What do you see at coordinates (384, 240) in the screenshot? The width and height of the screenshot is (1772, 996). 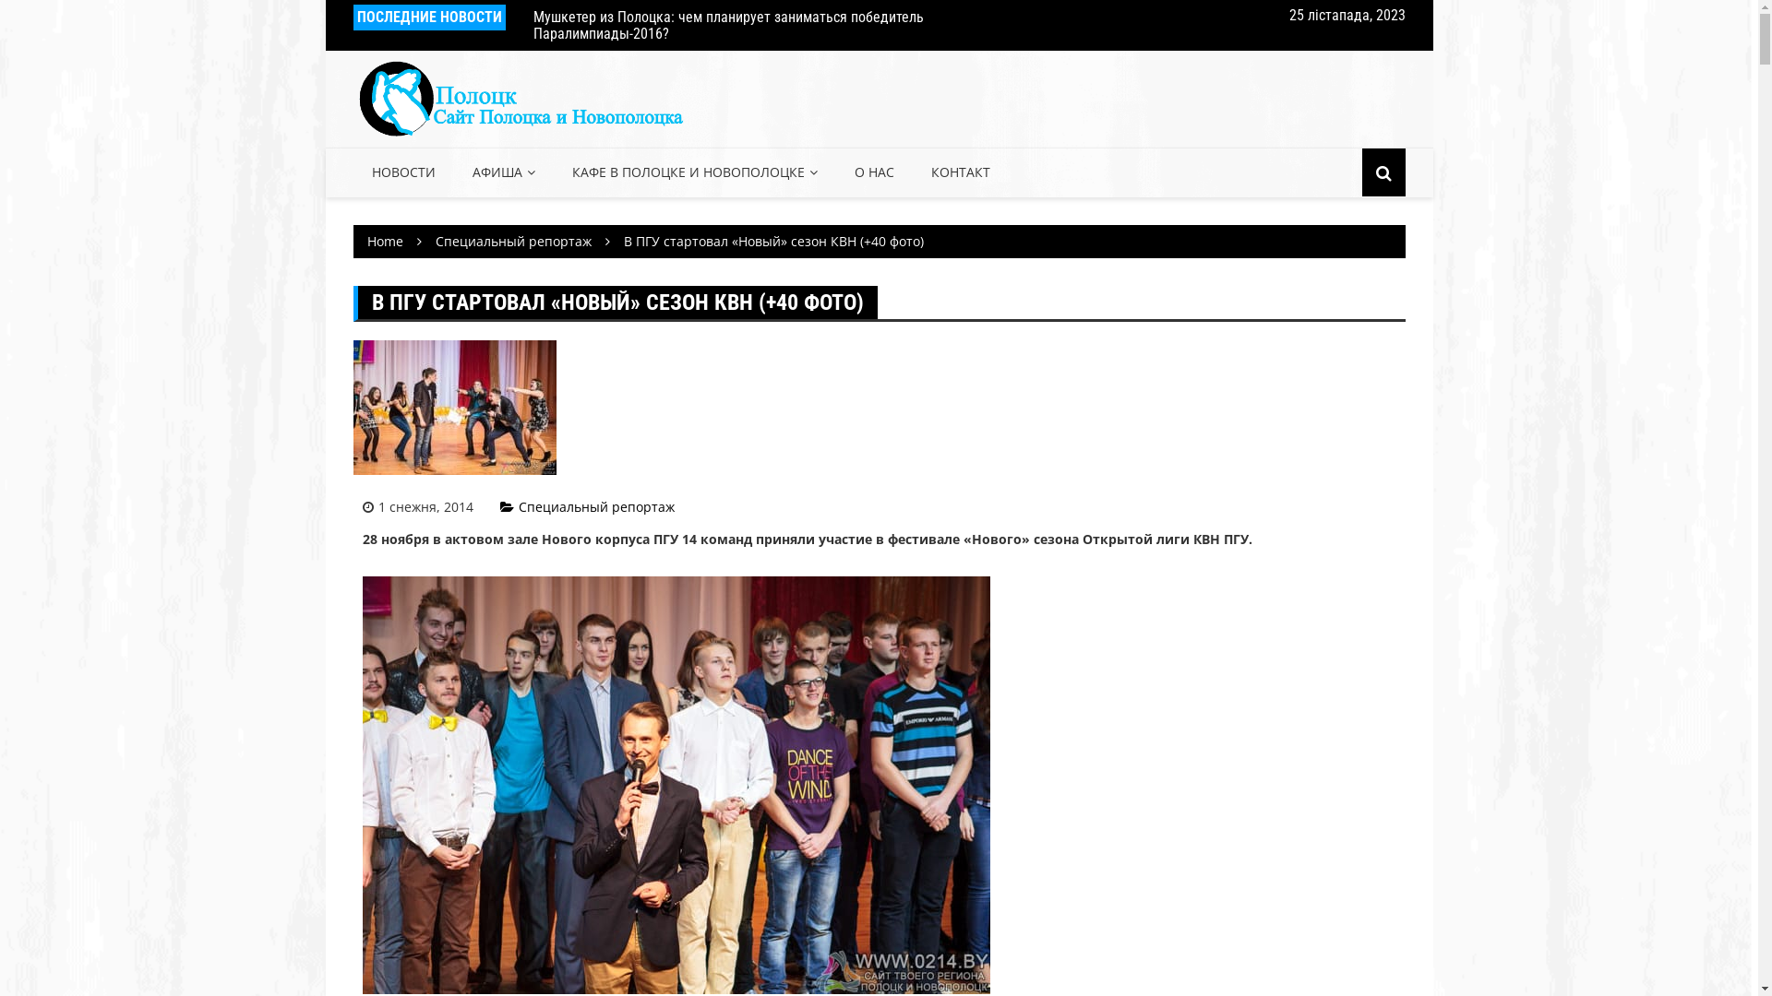 I see `'Home'` at bounding box center [384, 240].